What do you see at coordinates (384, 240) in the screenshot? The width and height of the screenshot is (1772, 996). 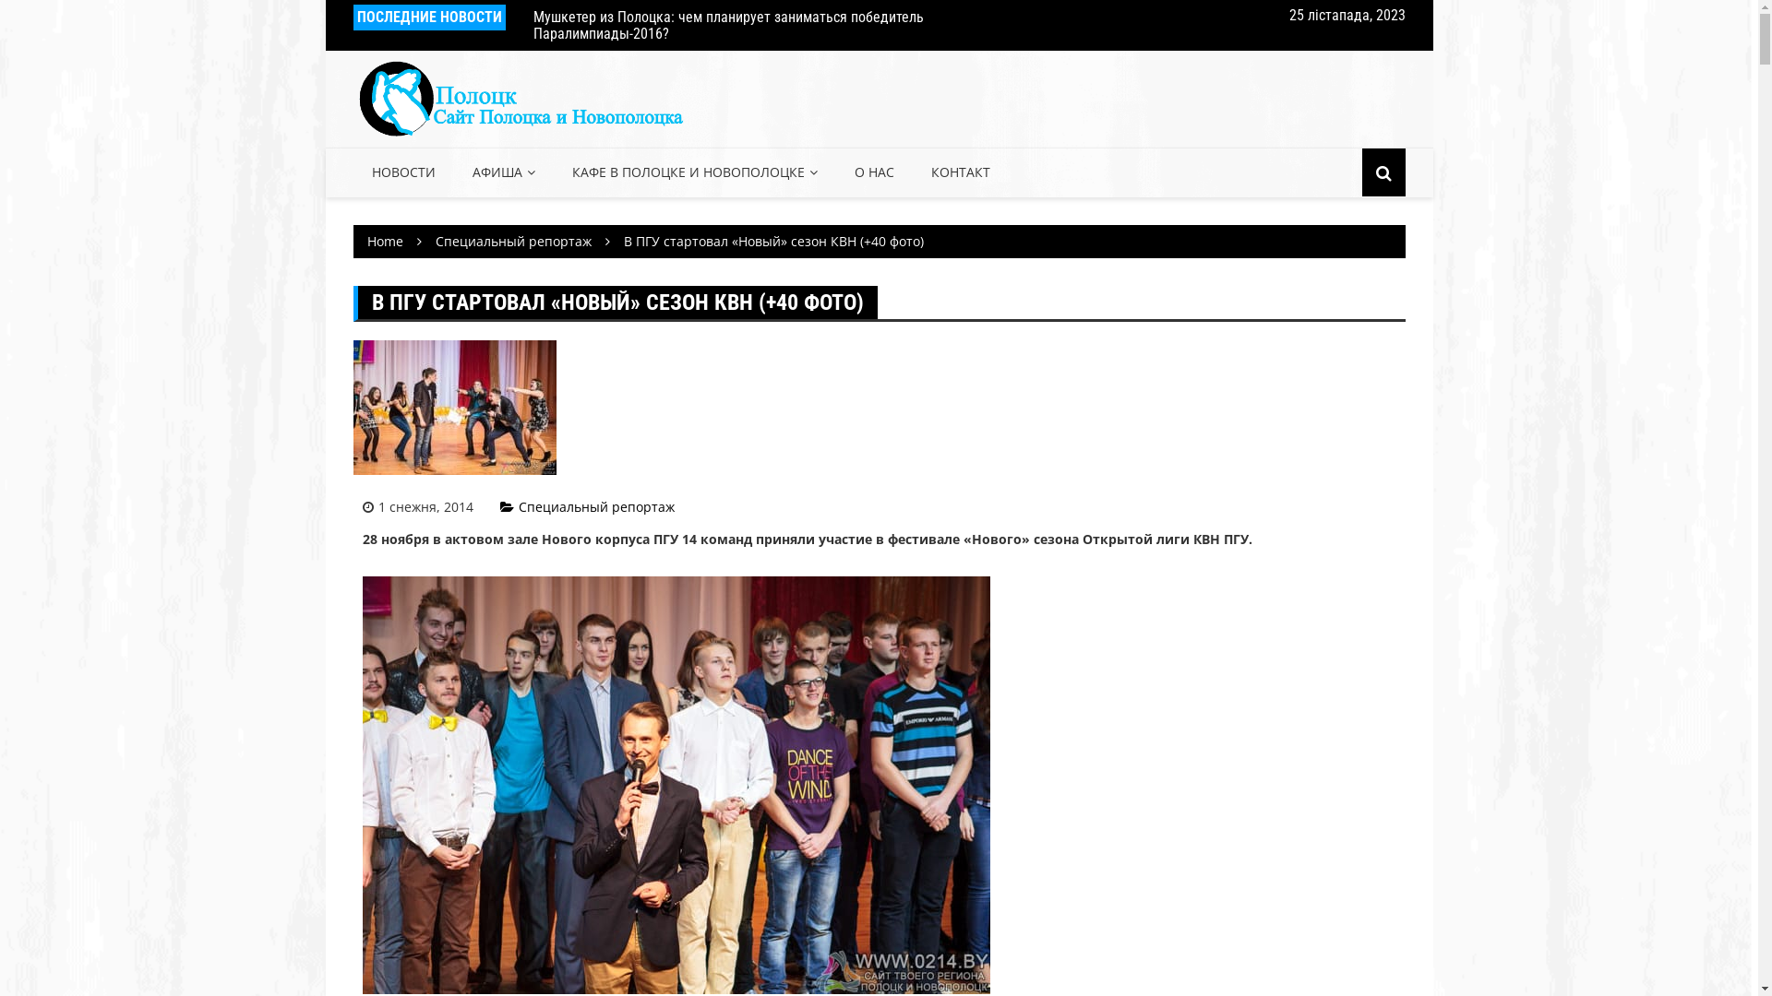 I see `'Home'` at bounding box center [384, 240].